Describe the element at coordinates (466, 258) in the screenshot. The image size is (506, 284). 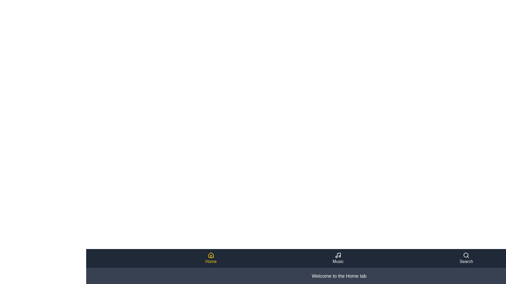
I see `the Search tab to view its content` at that location.